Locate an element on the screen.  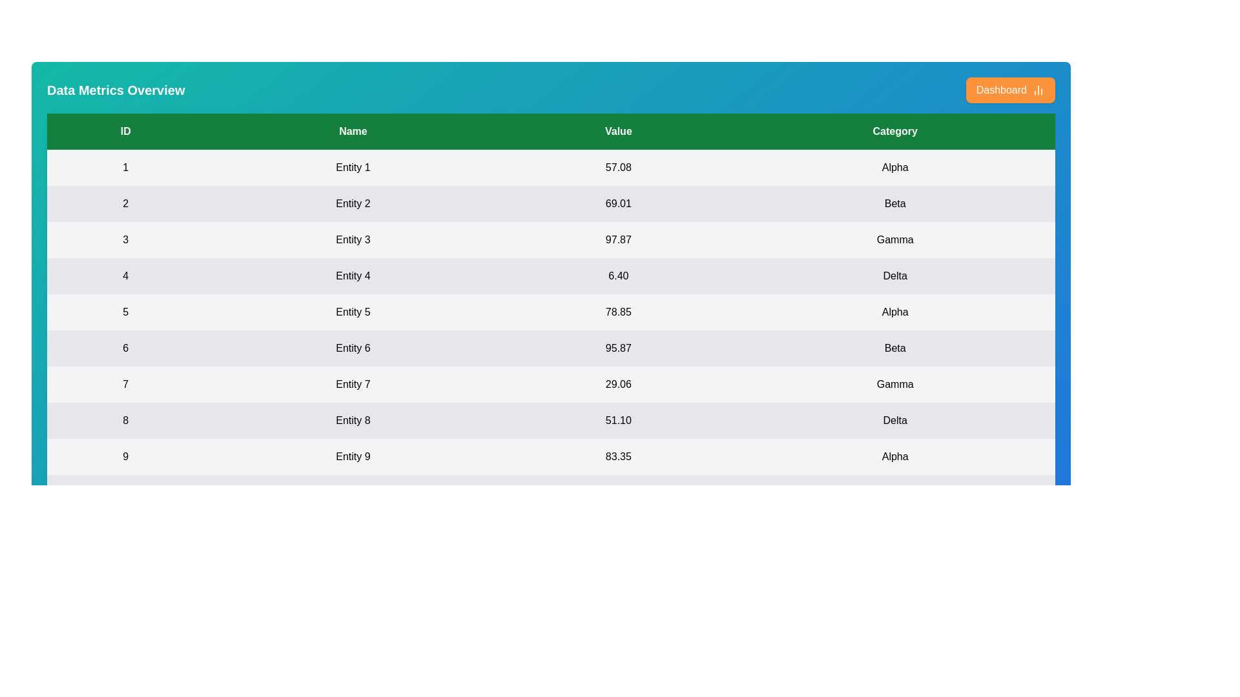
the row corresponding to 7 is located at coordinates (551, 384).